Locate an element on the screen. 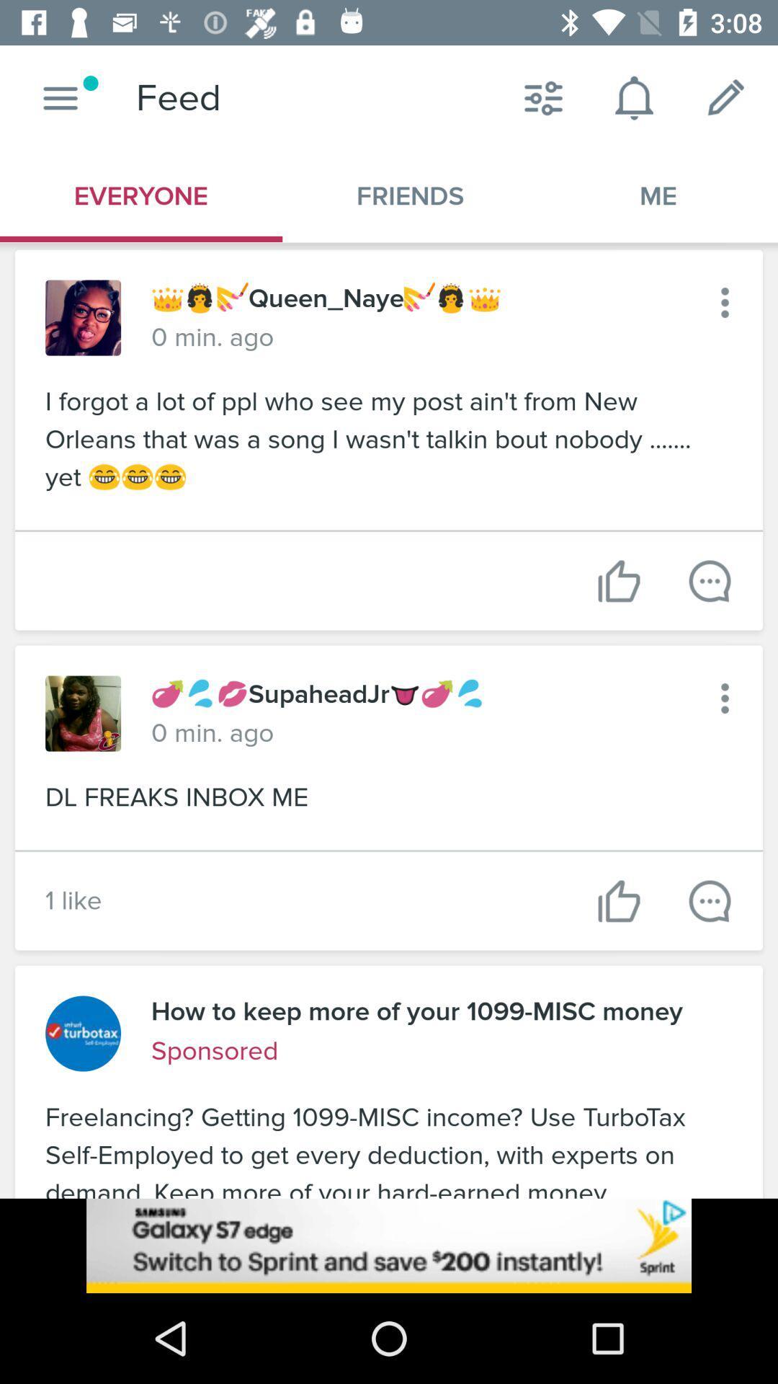  click the comment is located at coordinates (709, 900).